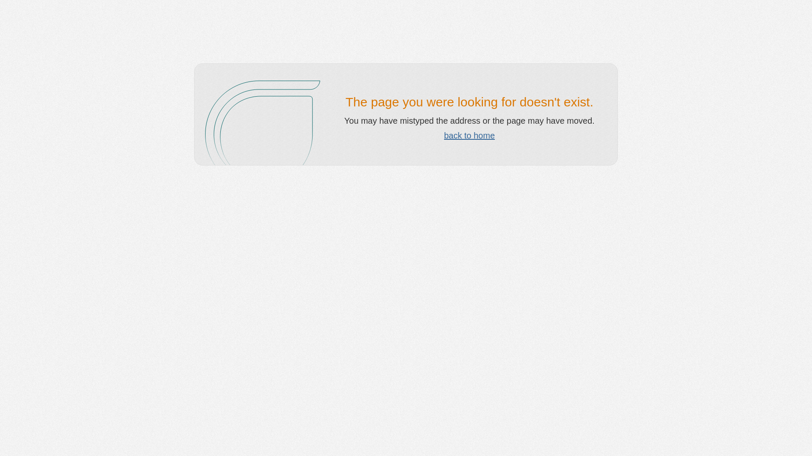 The image size is (812, 456). I want to click on 'back to home', so click(469, 135).